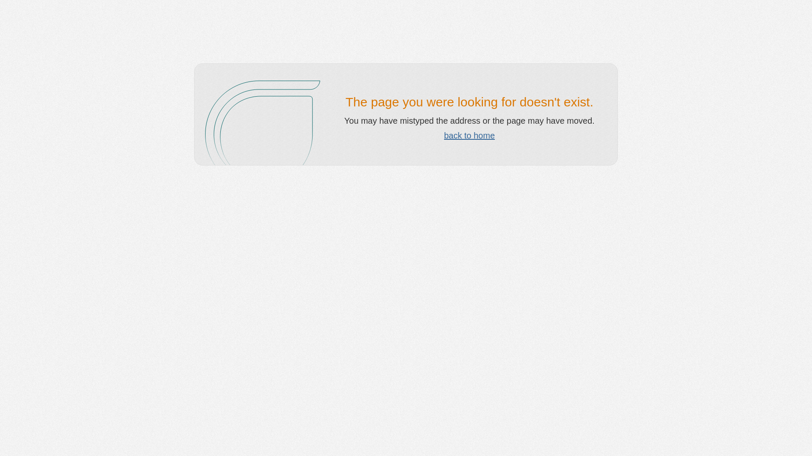 The image size is (812, 456). I want to click on 'back to home', so click(469, 135).